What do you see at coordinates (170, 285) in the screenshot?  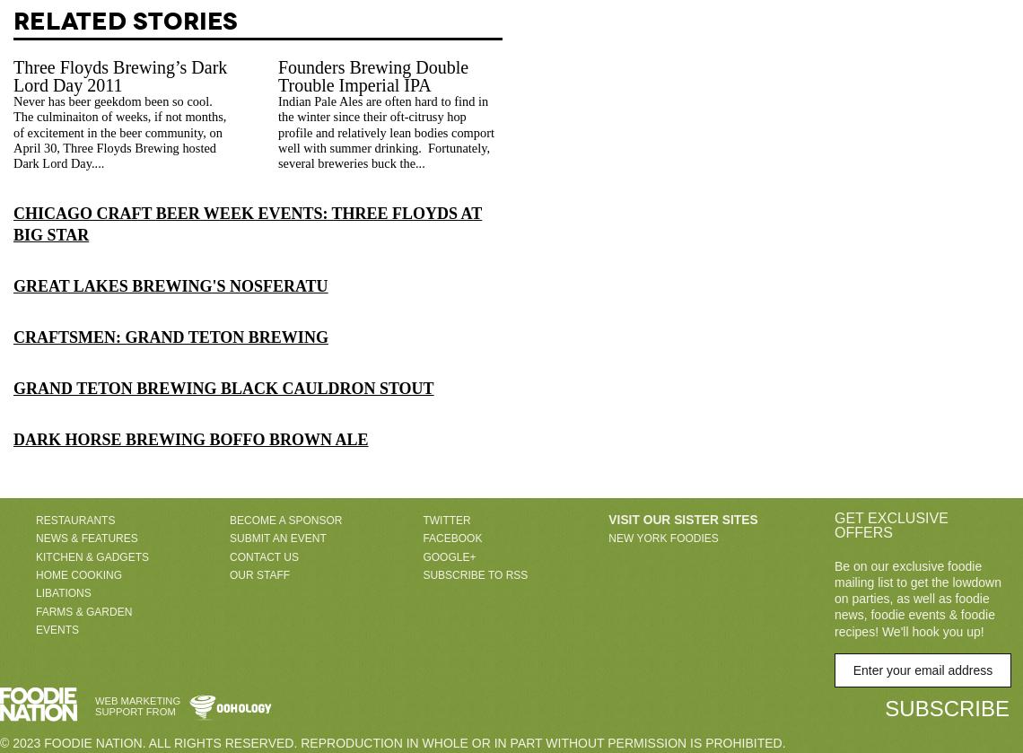 I see `'Great Lakes Brewing's Nosferatu'` at bounding box center [170, 285].